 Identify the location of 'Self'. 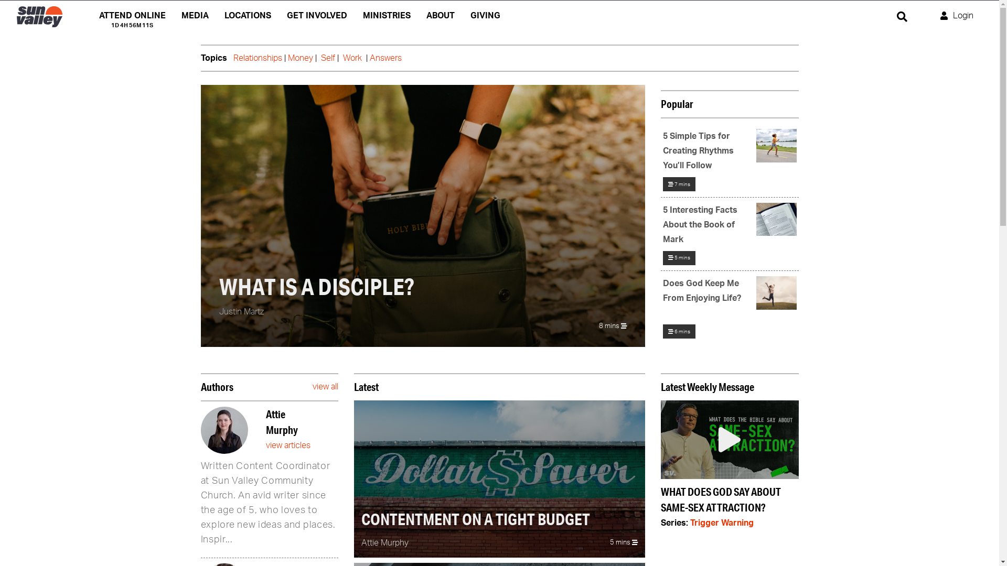
(327, 58).